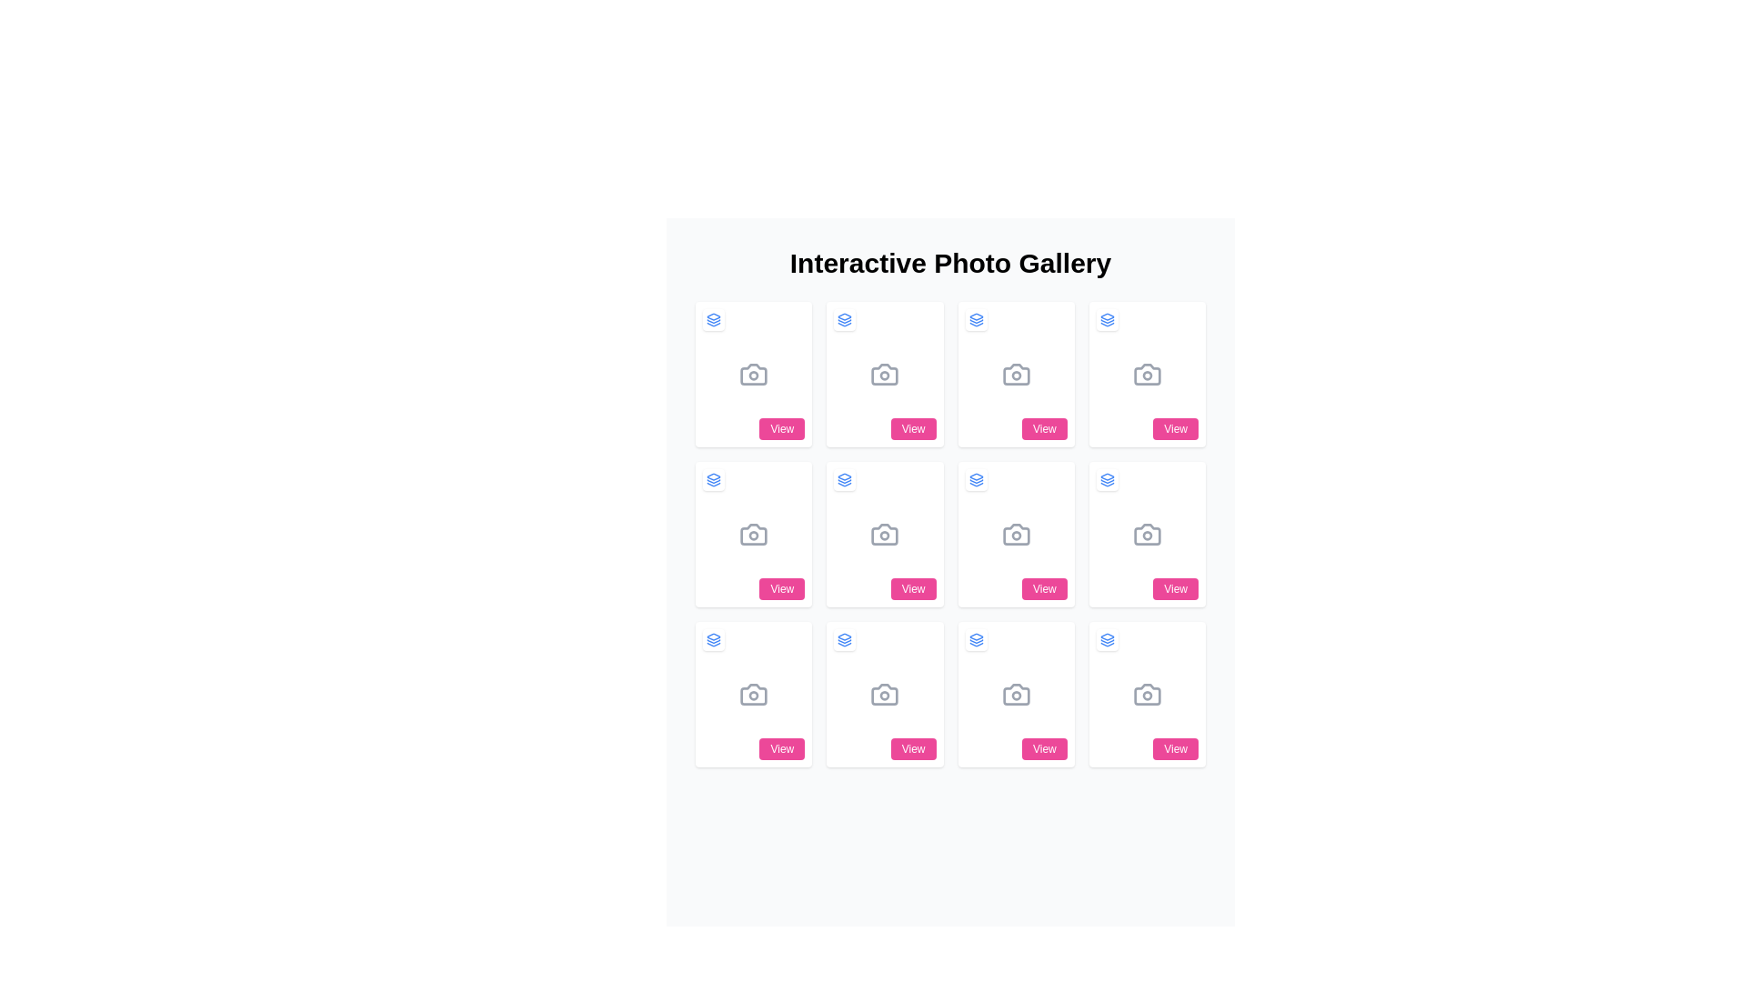 The width and height of the screenshot is (1746, 982). Describe the element at coordinates (1044, 589) in the screenshot. I see `the rectangular button with a pink background labeled 'View' located in the bottom-right corner of the second card in the third row of a 4x4 grid` at that location.